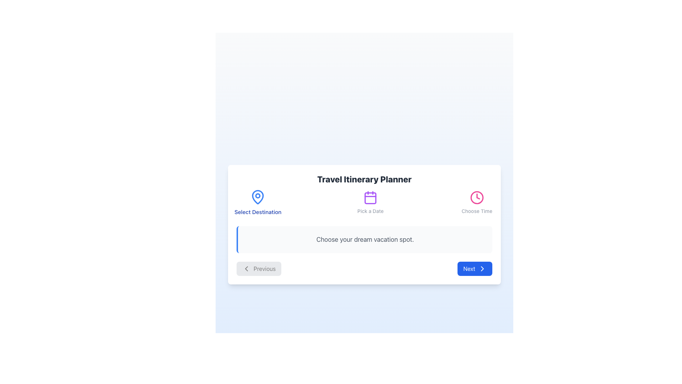 This screenshot has width=682, height=384. What do you see at coordinates (477, 197) in the screenshot?
I see `the 'time selection' icon located to the left of the text 'Choose Time' in the rightmost segment of the options` at bounding box center [477, 197].